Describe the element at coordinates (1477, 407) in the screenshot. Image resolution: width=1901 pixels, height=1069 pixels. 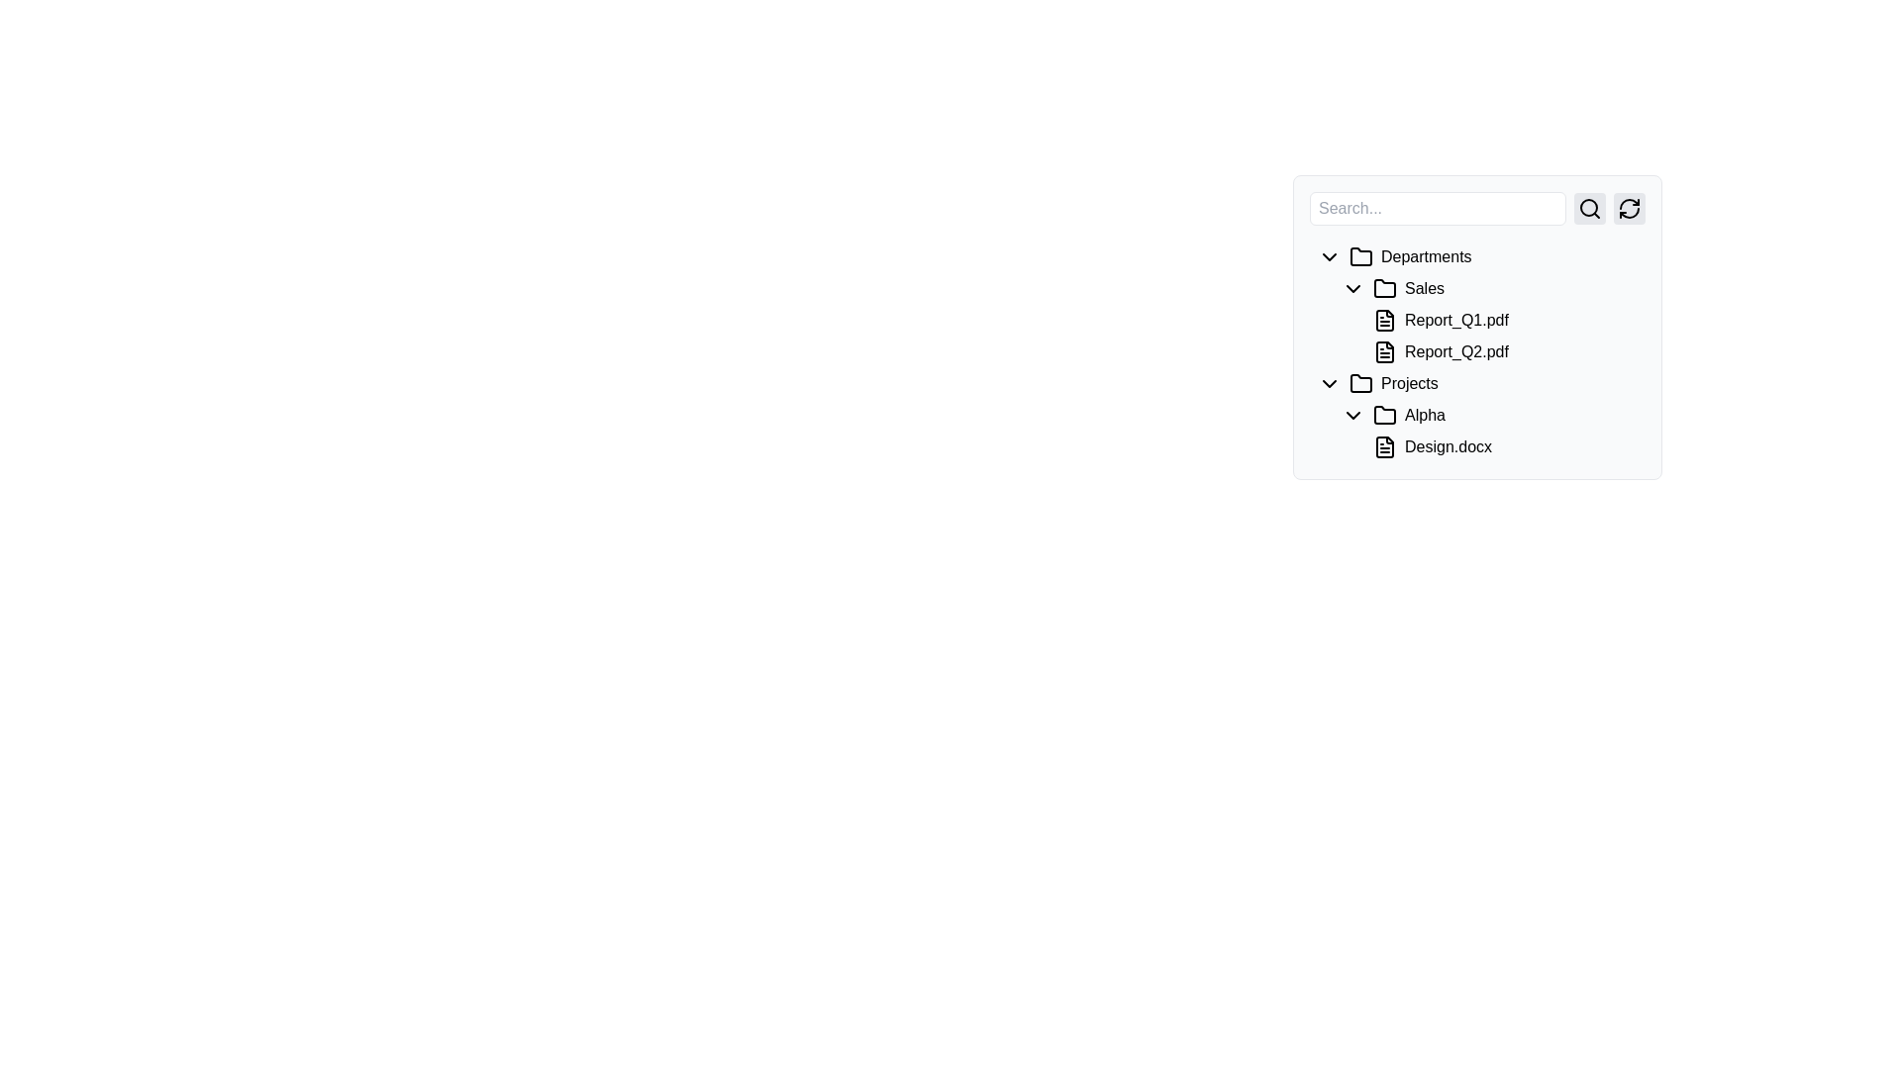
I see `the 'Alpha' folder item in the hierarchical list under the 'Projects' section` at that location.